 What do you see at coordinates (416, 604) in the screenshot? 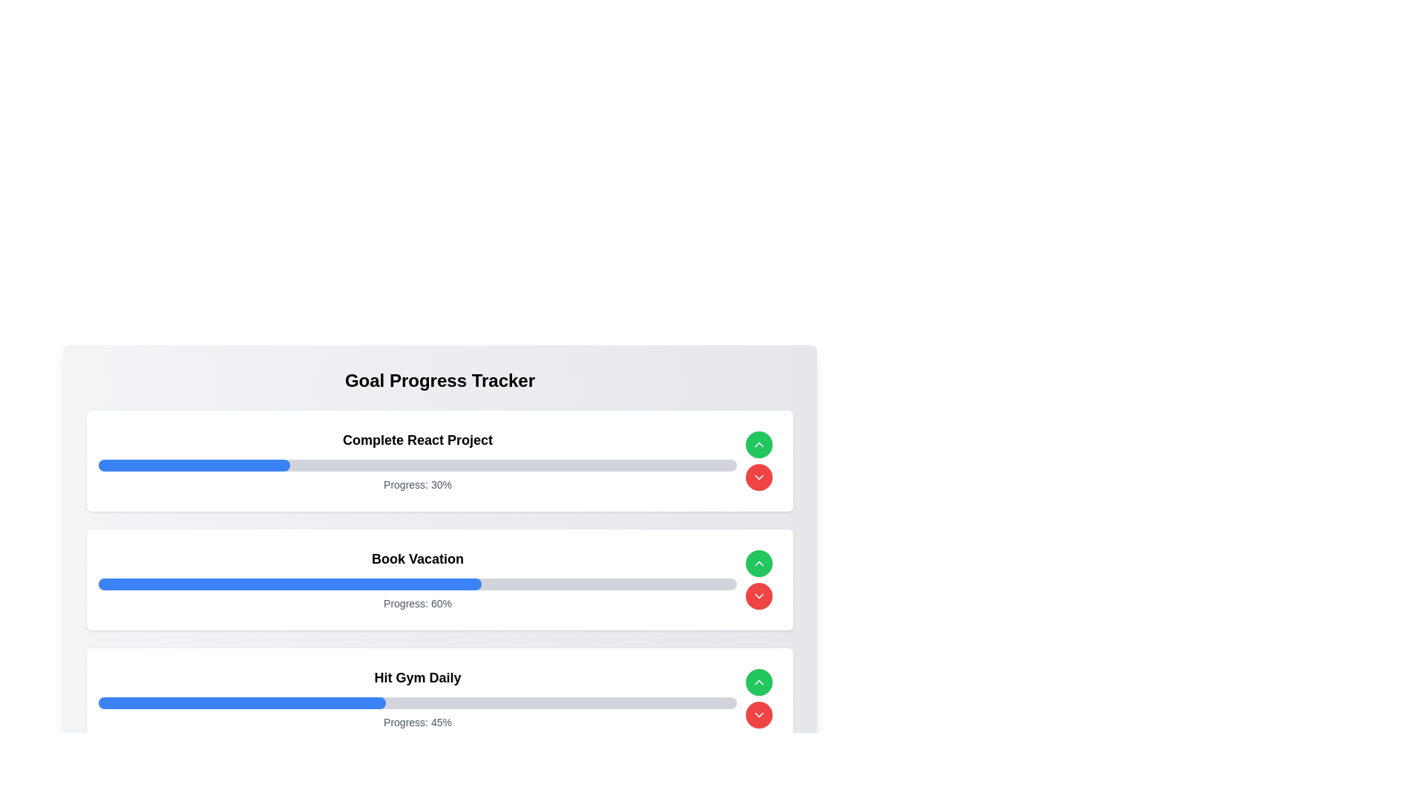
I see `the text label displaying 'Progress: 60%' which is styled in a small, gray font and located below the horizontal progress bar and the text 'Book Vacation'` at bounding box center [416, 604].